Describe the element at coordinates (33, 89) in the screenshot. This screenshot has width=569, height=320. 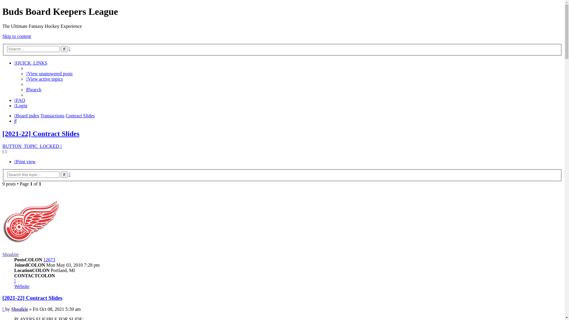
I see `'Search'` at that location.